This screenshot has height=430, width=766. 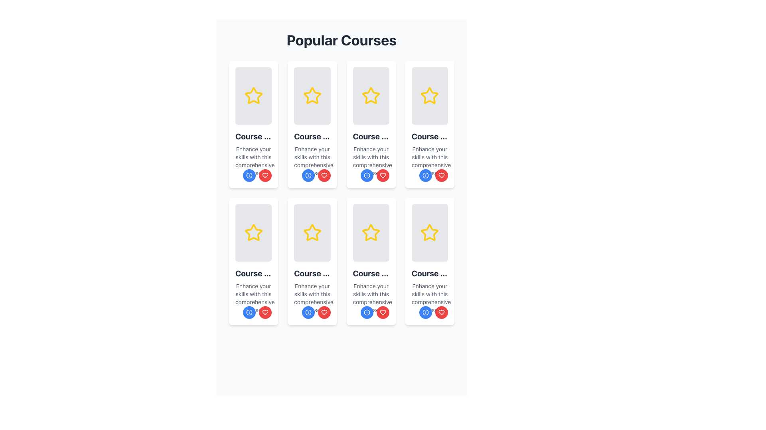 What do you see at coordinates (265, 312) in the screenshot?
I see `the red circular heart icon located at the bottom-right corner of the 'Popular Courses' card in the grid` at bounding box center [265, 312].